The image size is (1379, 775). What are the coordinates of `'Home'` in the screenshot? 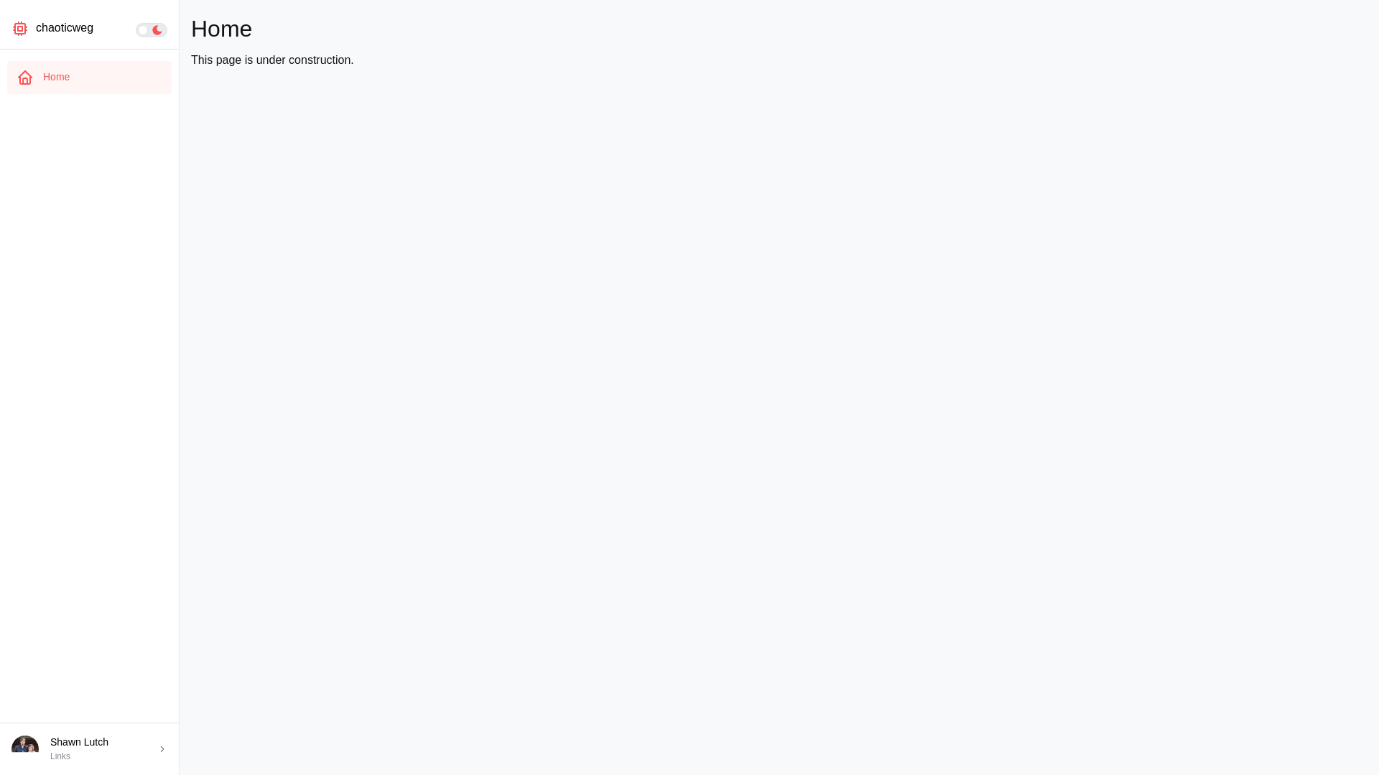 It's located at (88, 77).